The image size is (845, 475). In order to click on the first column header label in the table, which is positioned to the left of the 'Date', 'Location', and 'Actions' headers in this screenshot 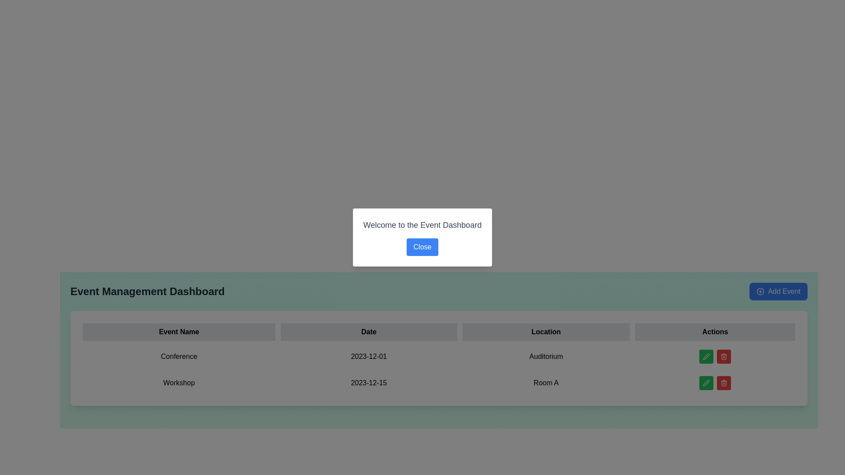, I will do `click(178, 332)`.